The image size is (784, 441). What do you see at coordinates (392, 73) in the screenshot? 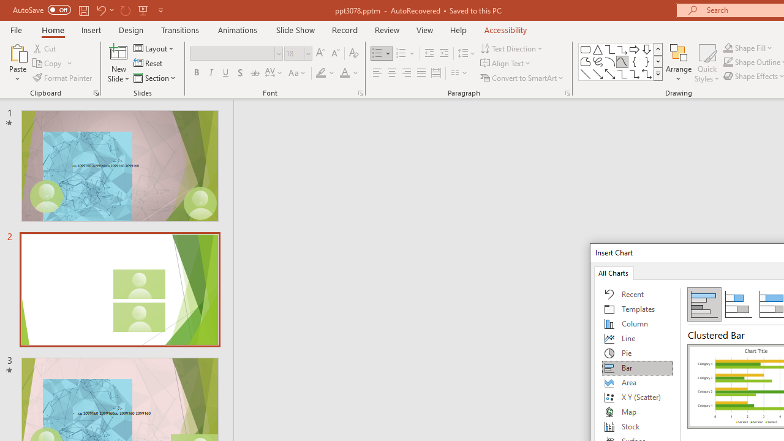
I see `'Center'` at bounding box center [392, 73].